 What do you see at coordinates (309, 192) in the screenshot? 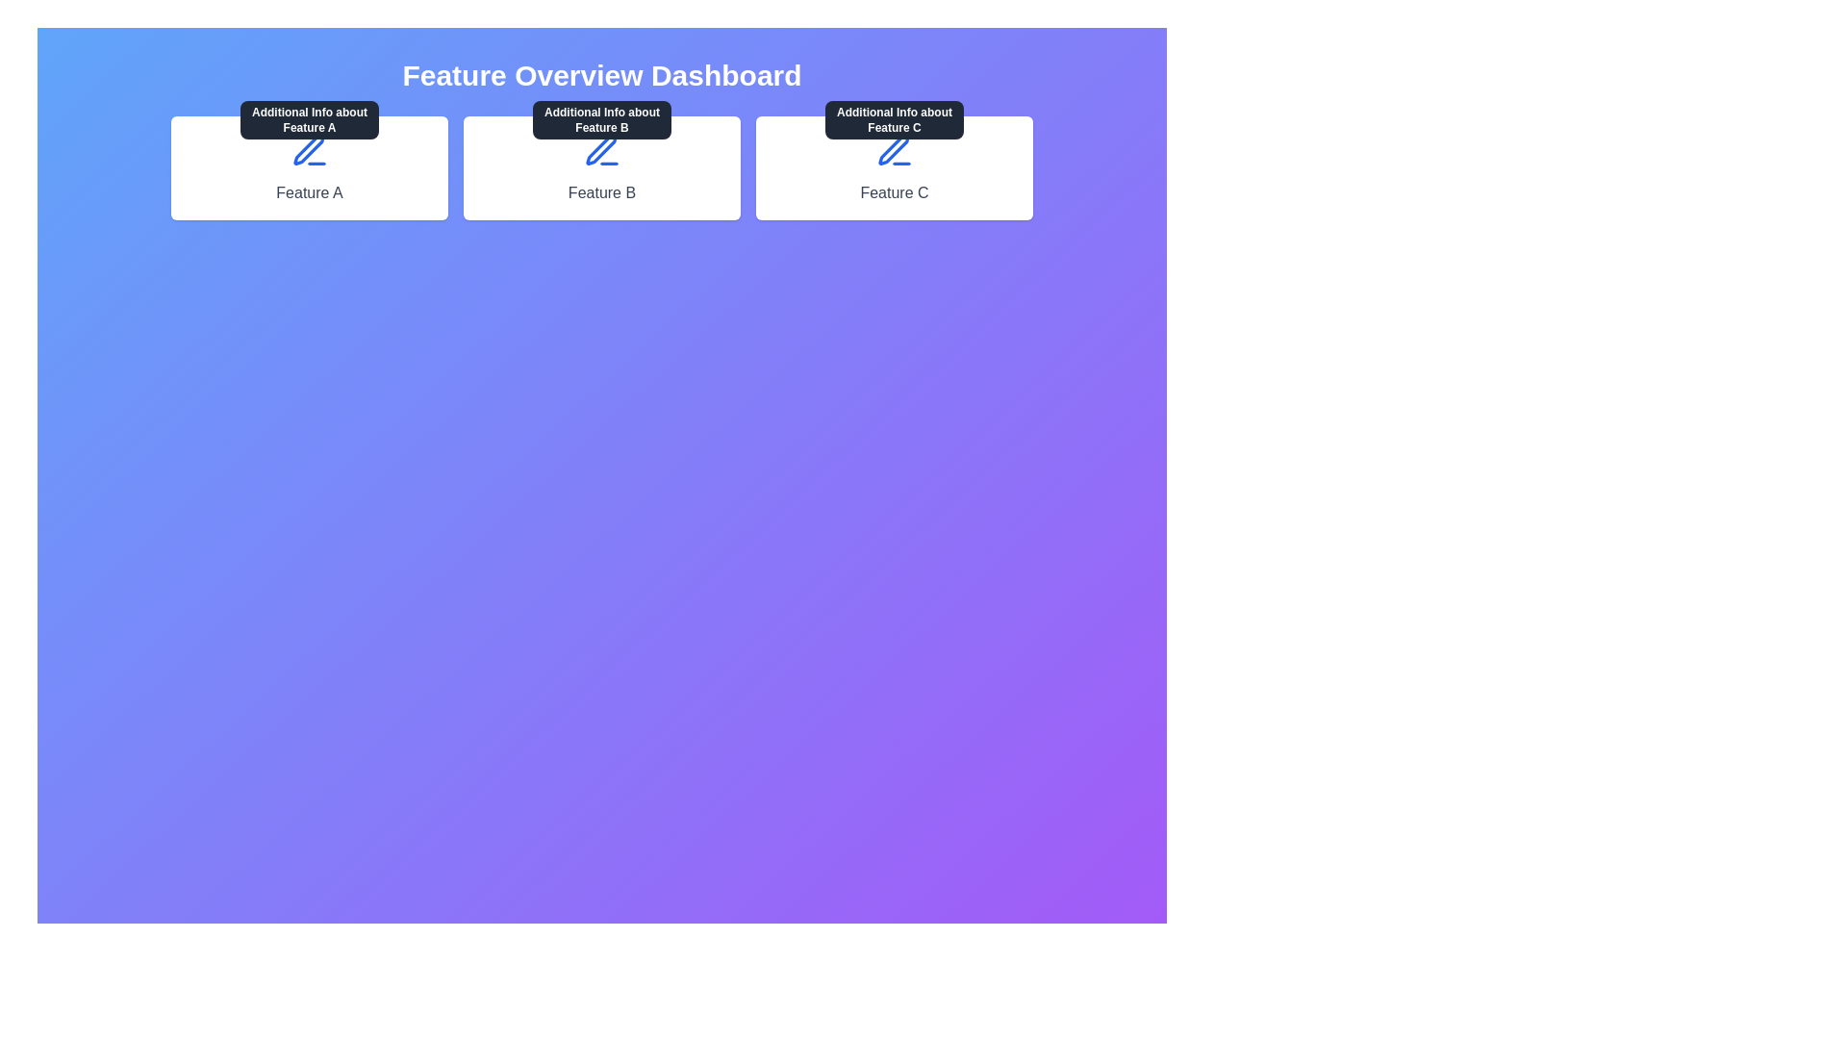
I see `the label with centered gray text located at the bottom-center of the first card, which contains additional info about Feature A` at bounding box center [309, 192].